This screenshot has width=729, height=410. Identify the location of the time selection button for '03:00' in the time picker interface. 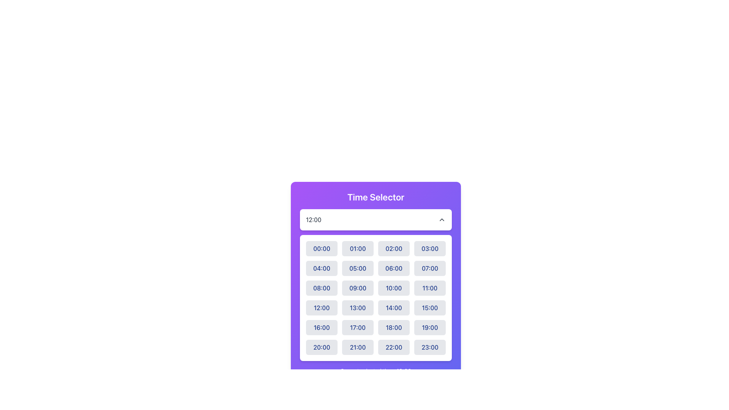
(430, 249).